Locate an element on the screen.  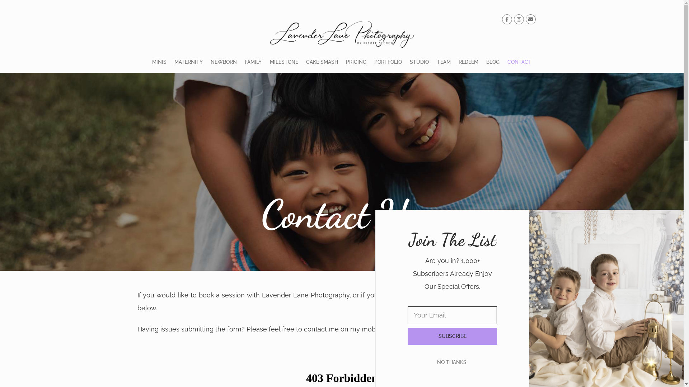
'NO THANKS.' is located at coordinates (452, 362).